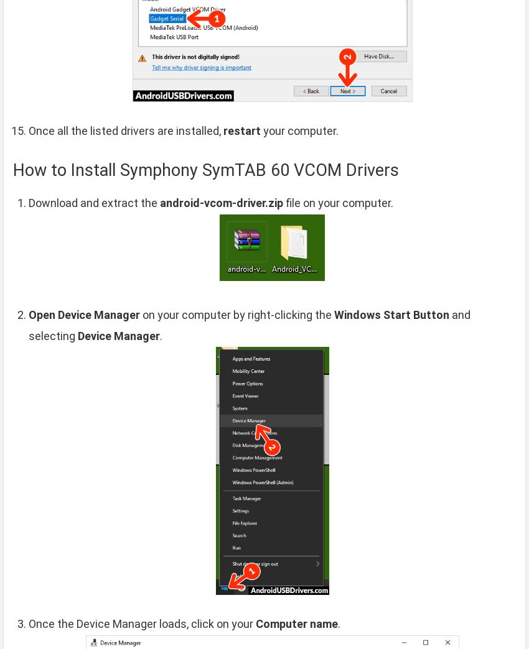 Image resolution: width=529 pixels, height=649 pixels. I want to click on 'Once all the listed drivers are installed,', so click(125, 130).